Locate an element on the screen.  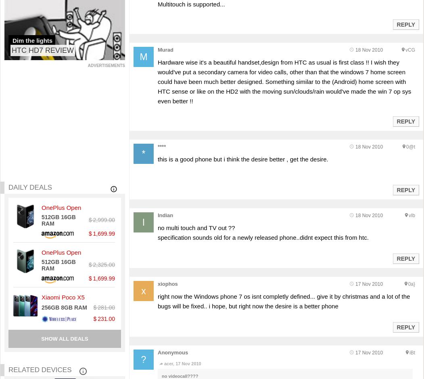
'Show all deals' is located at coordinates (64, 338).